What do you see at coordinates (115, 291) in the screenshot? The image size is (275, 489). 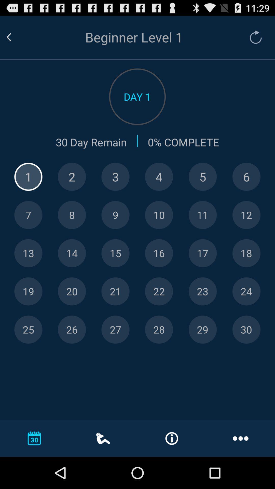 I see `keyborad` at bounding box center [115, 291].